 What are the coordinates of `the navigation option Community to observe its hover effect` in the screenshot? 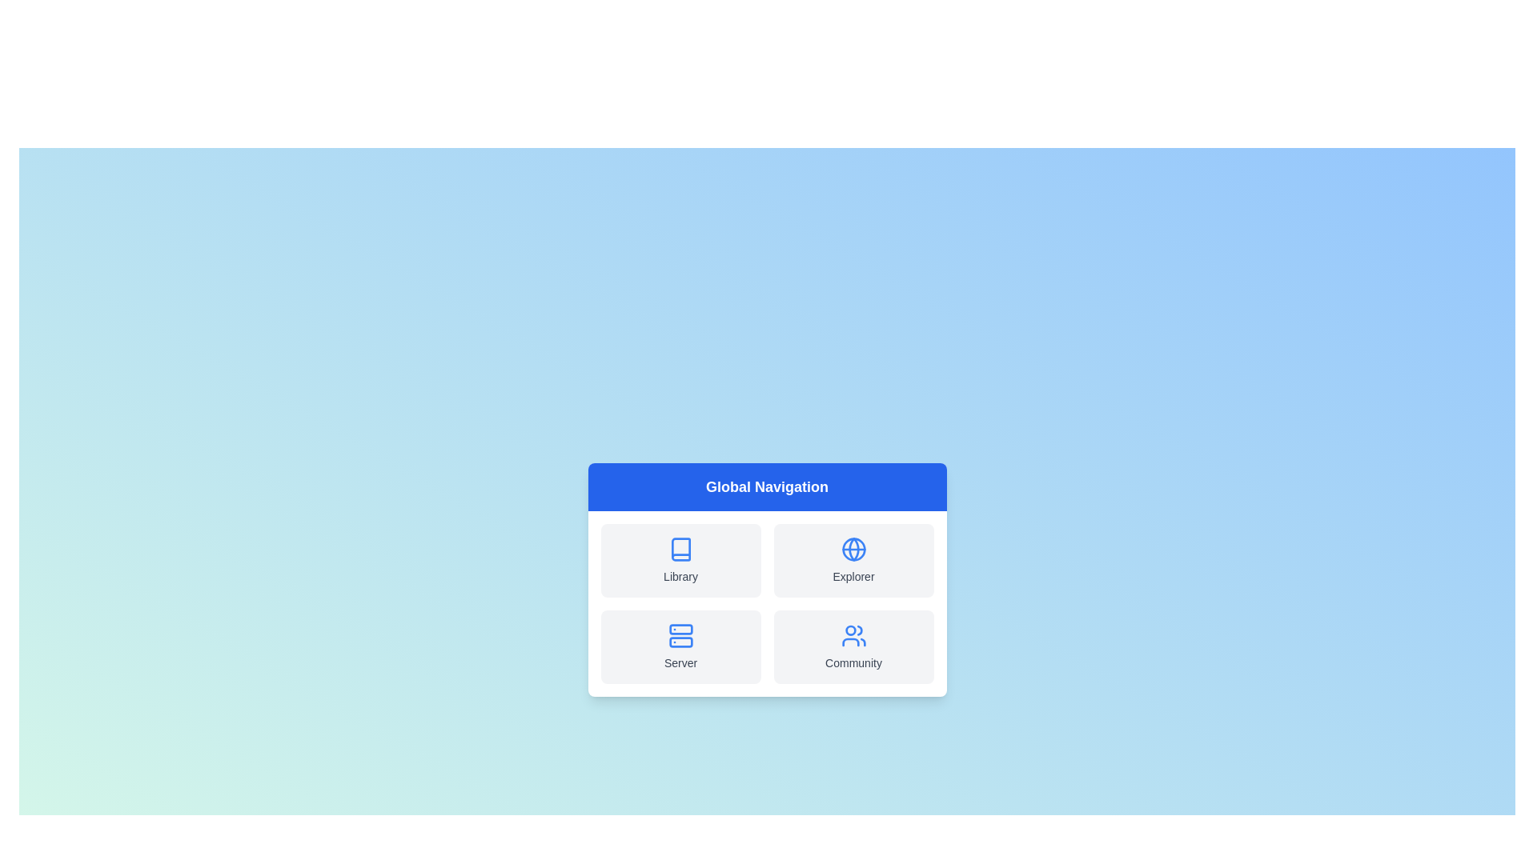 It's located at (853, 646).